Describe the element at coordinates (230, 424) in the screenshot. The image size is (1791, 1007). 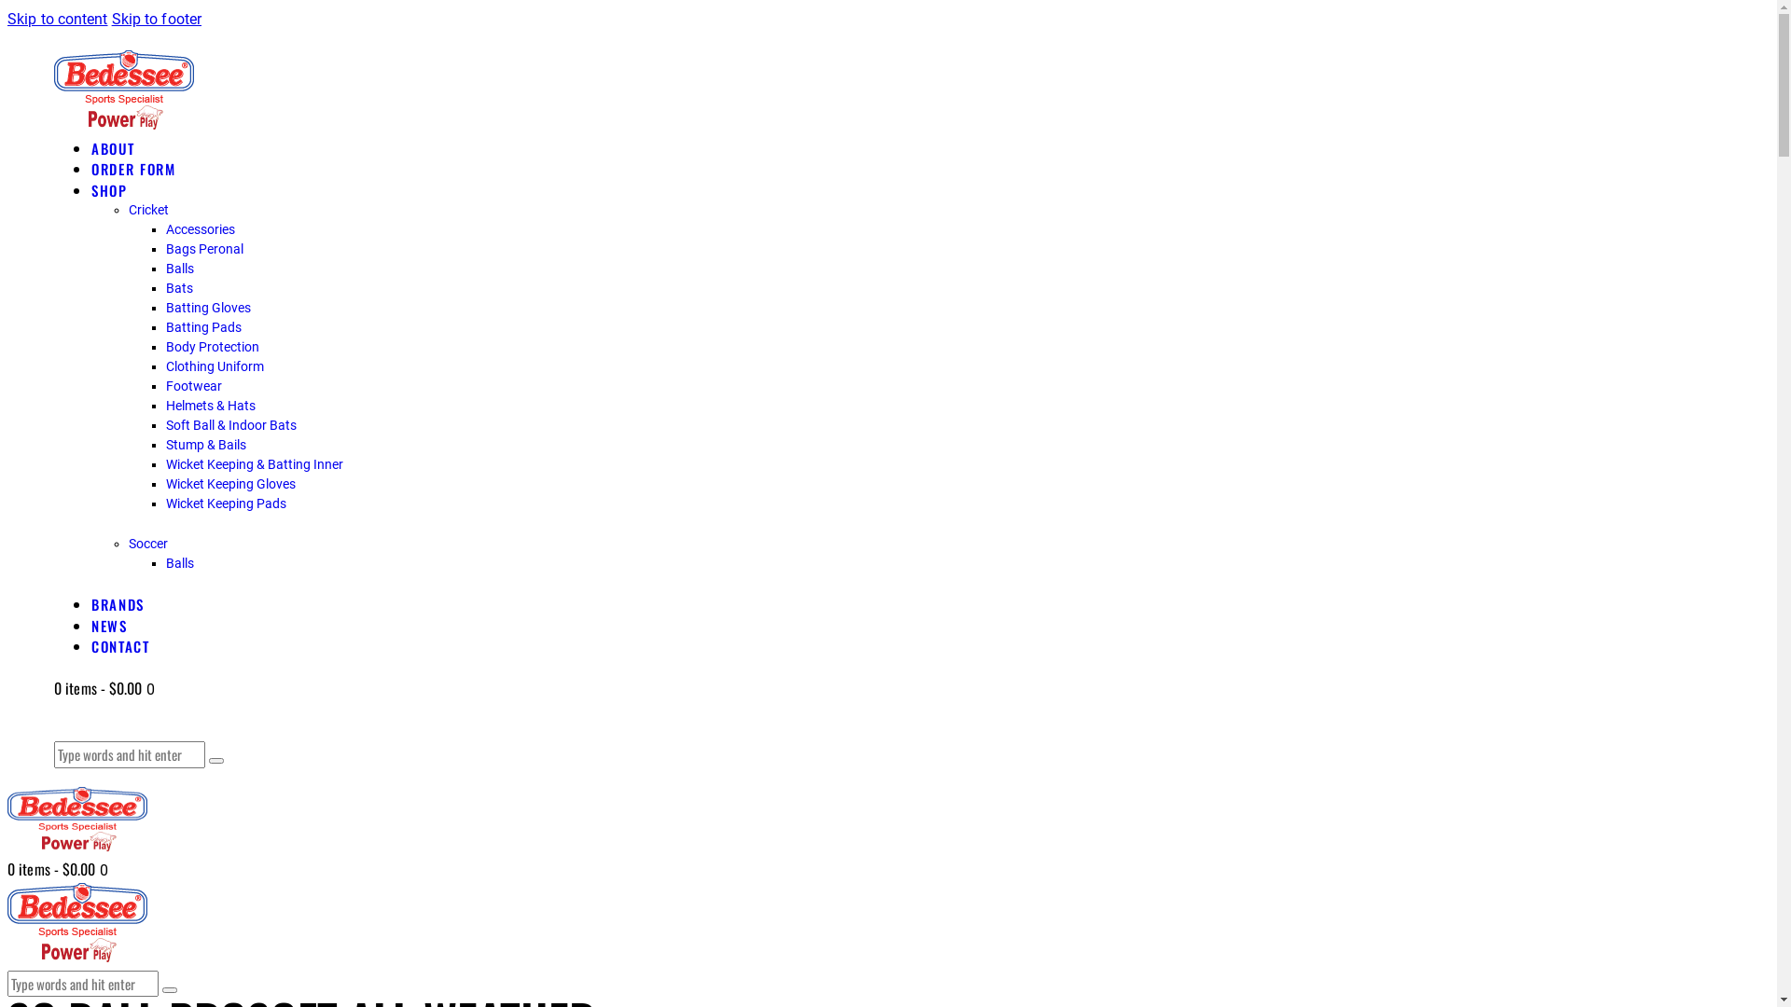
I see `'Soft Ball & Indoor Bats'` at that location.